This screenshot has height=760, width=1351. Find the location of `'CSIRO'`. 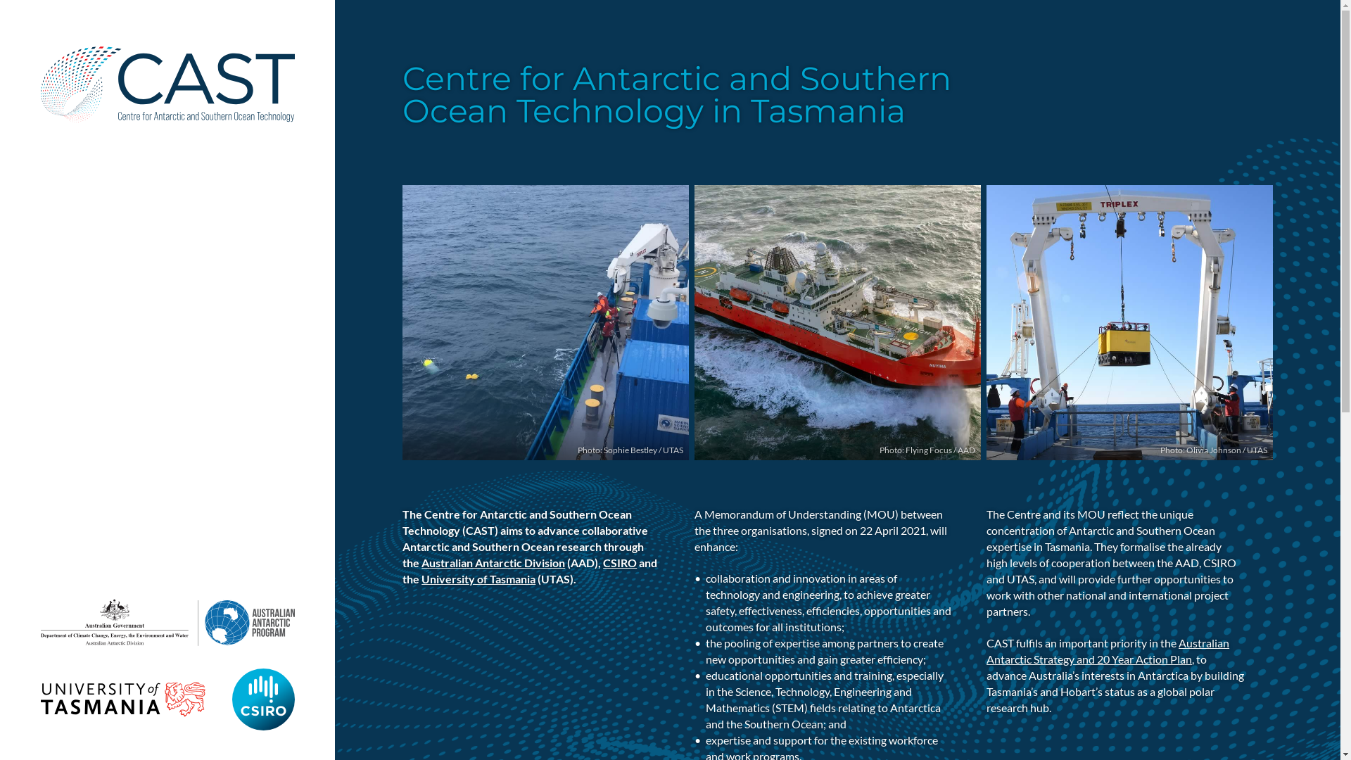

'CSIRO' is located at coordinates (619, 562).